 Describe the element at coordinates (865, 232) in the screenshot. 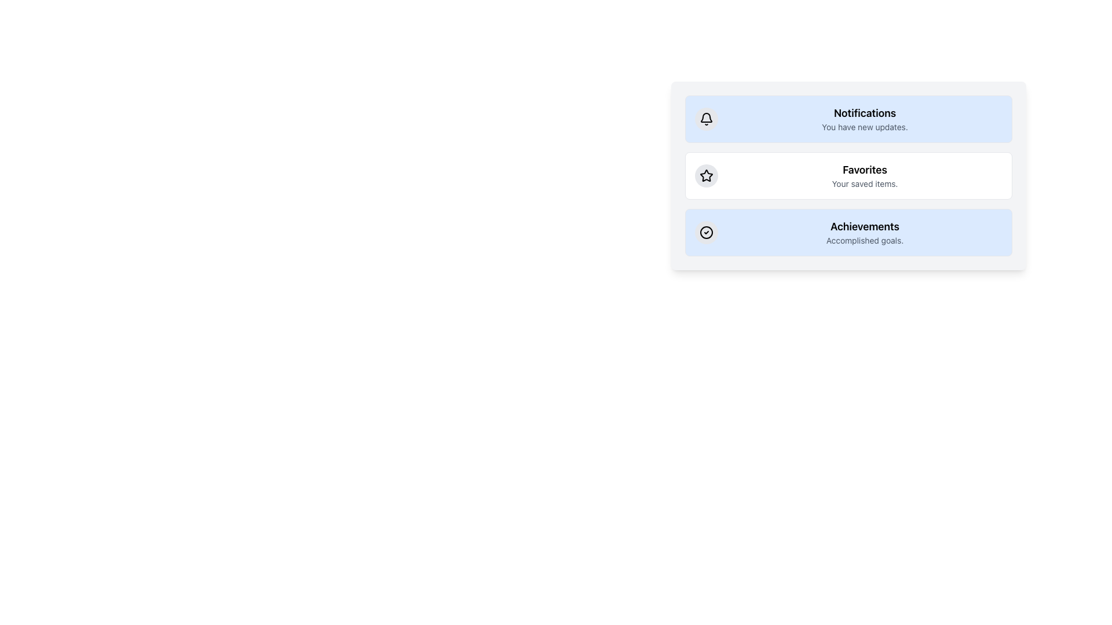

I see `the Text block displaying 'Achievements' in bold with subtext 'Accomplished goals.' in gray, located in the third section of the vertically stacked list` at that location.